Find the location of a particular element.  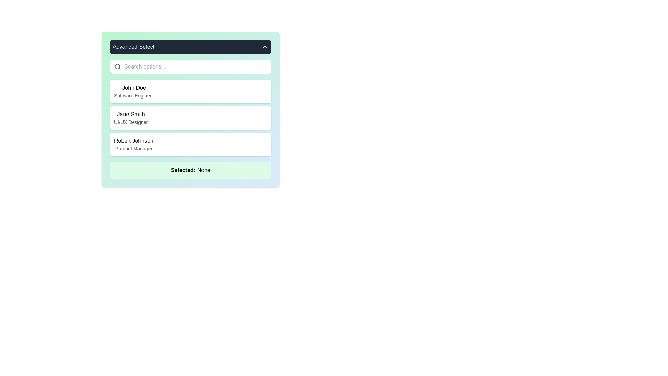

the second list item displaying 'Jane Smith' and 'UI/UX Designer' in the 'Advanced Select' component is located at coordinates (190, 119).